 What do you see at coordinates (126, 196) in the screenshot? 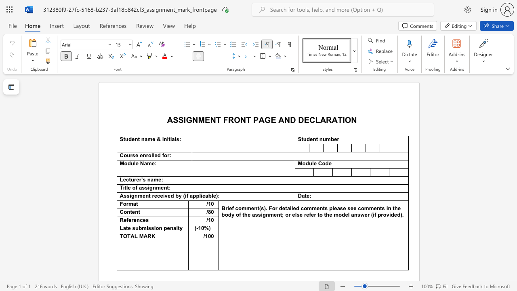
I see `the subset text "signmen" within the text "Assignment received by"` at bounding box center [126, 196].